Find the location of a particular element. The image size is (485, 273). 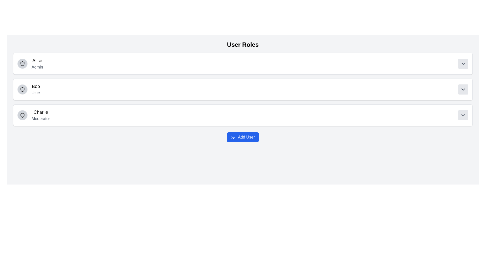

the gray circular icon with a black shield symbol at its center, located in the top-left corner of the 'Alice Admin' card, to the left of the 'Alice' text is located at coordinates (22, 63).